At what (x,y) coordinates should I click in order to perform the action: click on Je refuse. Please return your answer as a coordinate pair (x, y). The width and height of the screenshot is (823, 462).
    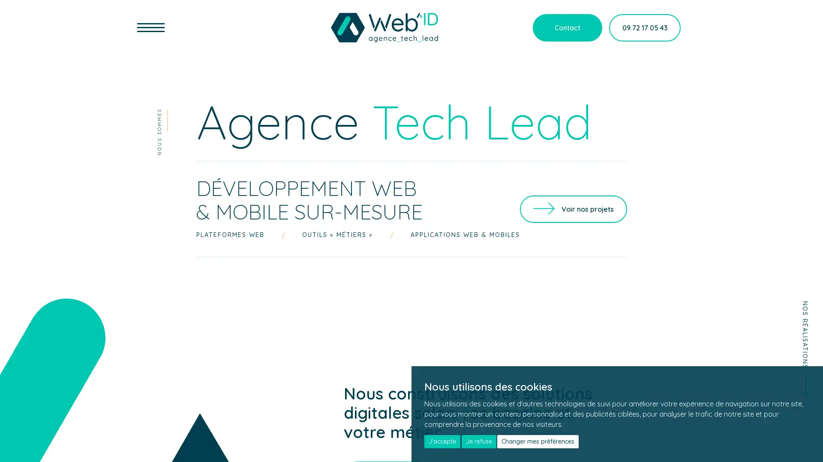
    Looking at the image, I should click on (478, 441).